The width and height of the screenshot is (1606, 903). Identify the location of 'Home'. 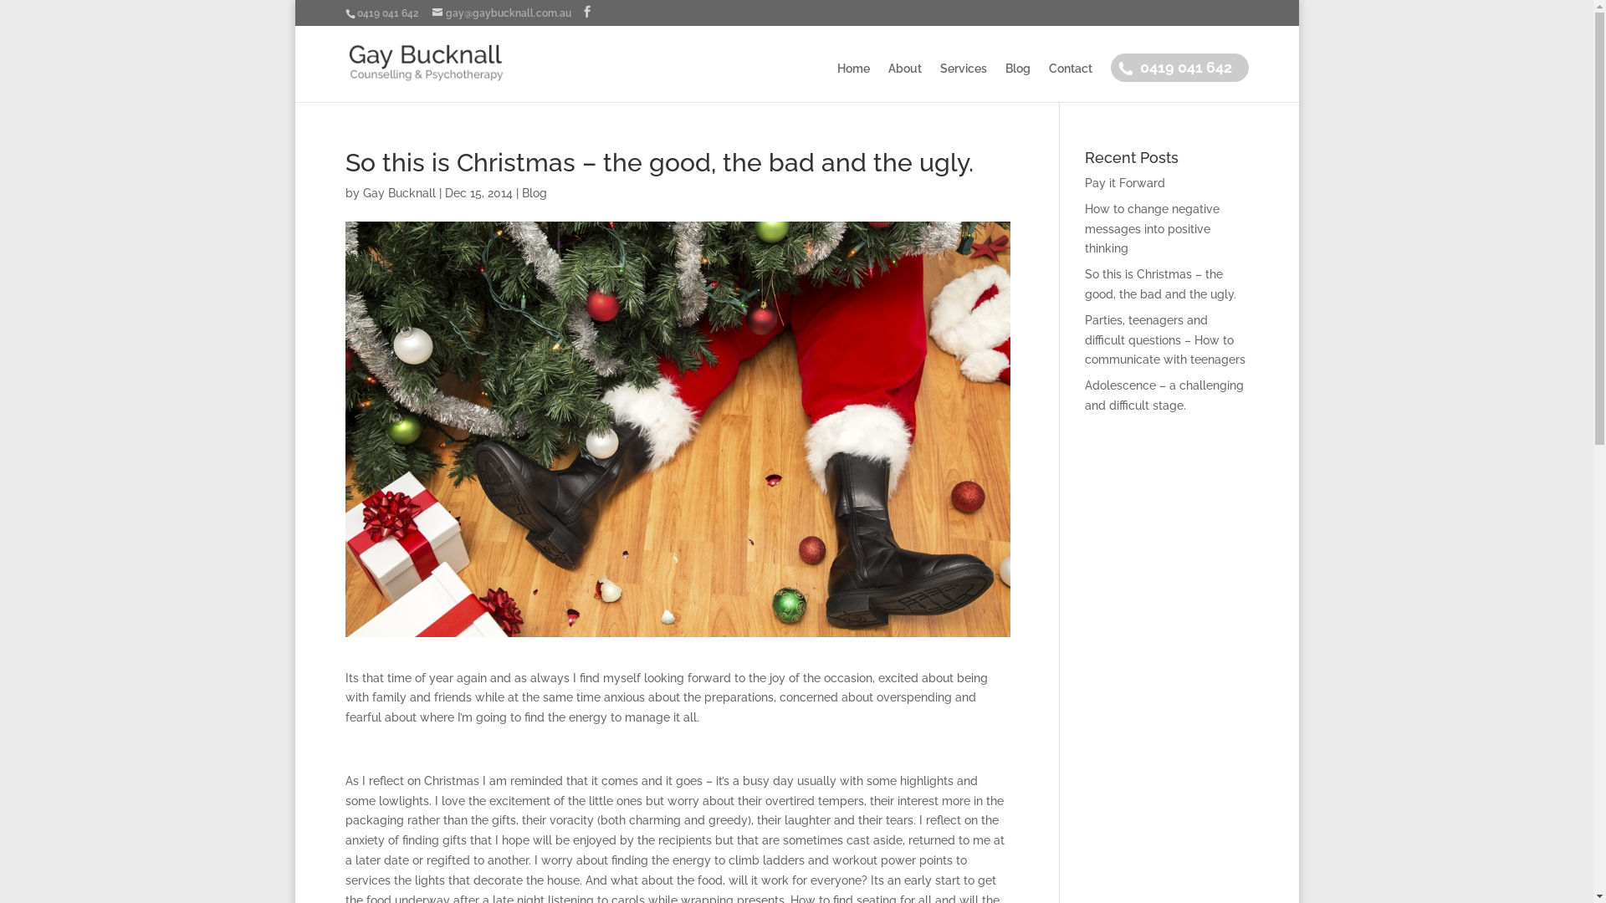
(852, 82).